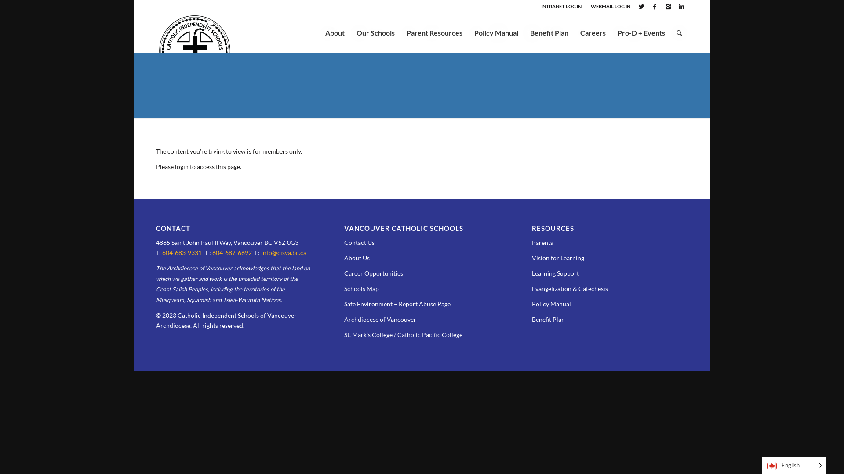 The height and width of the screenshot is (474, 844). I want to click on 'Policy Manual', so click(496, 32).